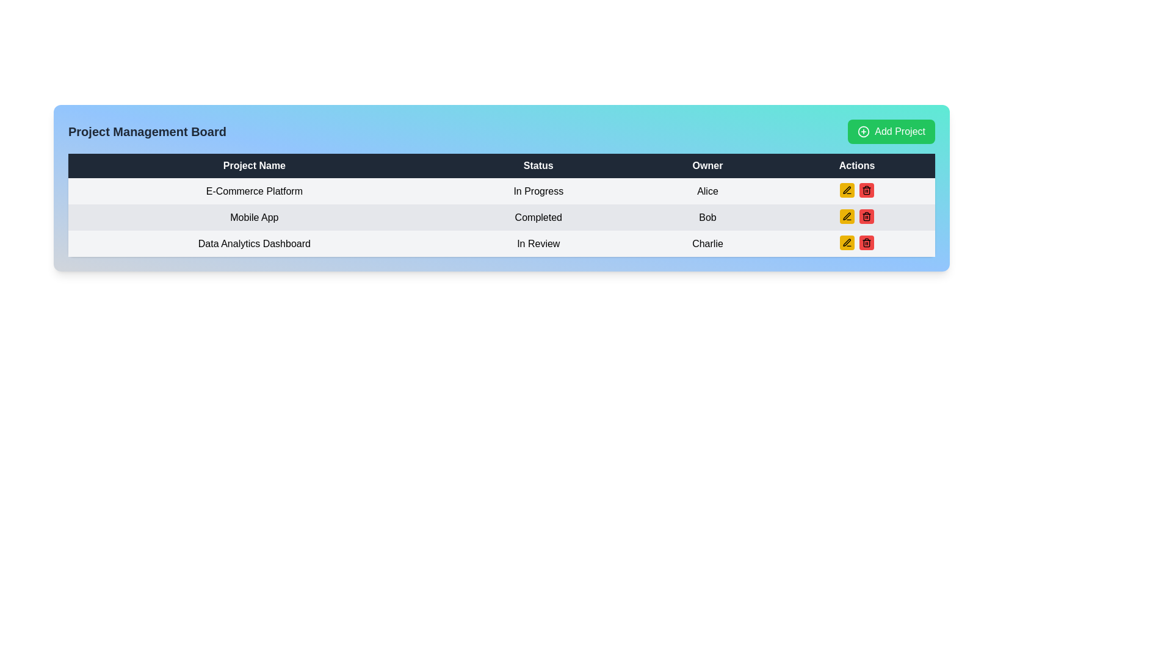 This screenshot has height=659, width=1172. Describe the element at coordinates (538, 191) in the screenshot. I see `text from the 'In Progress' text label located in the 'Status' column of the 'E-Commerce Platform' row in the tabular layout` at that location.